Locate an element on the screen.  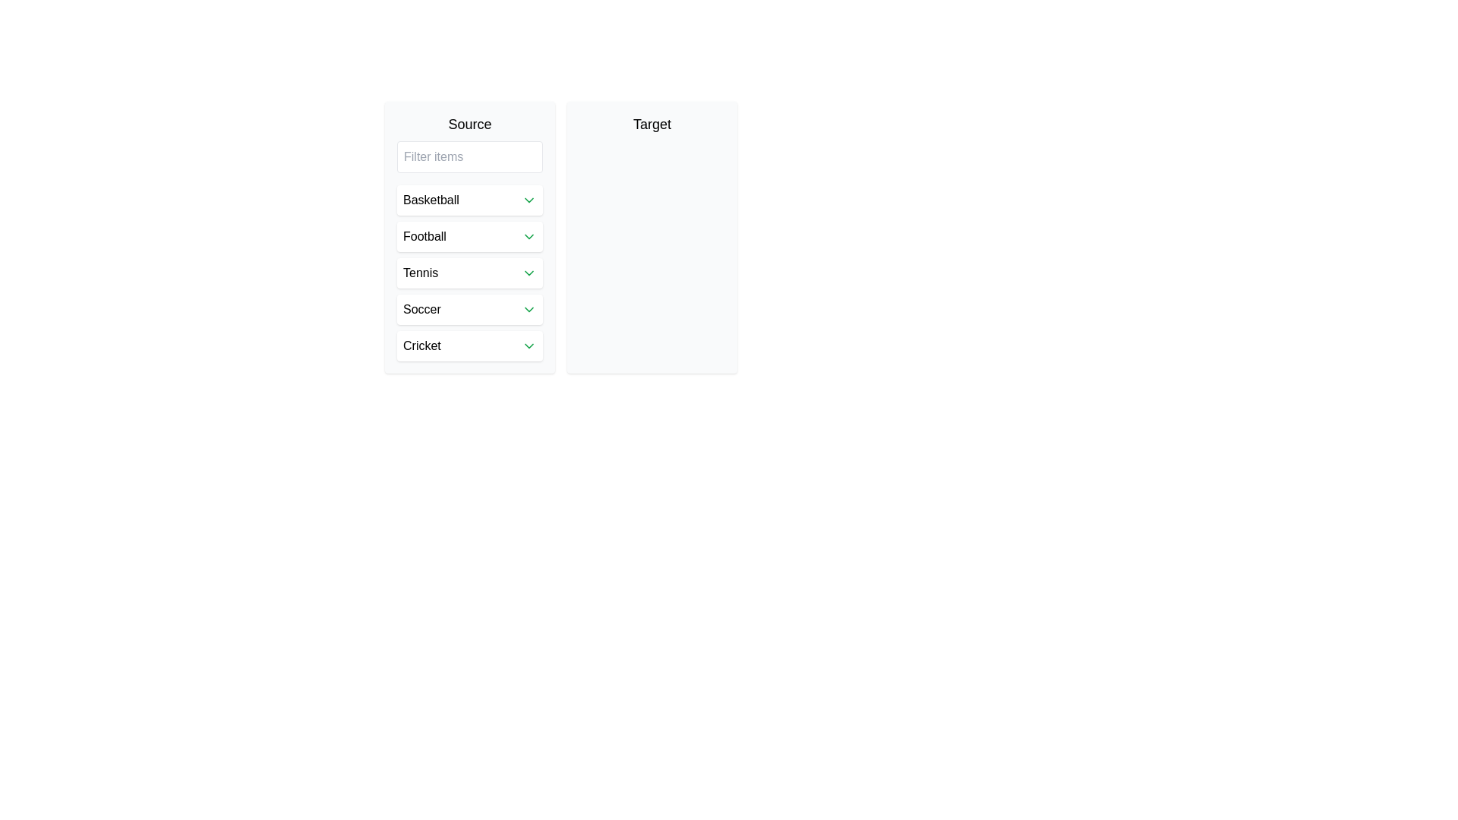
the dropdown icon located to the right of the 'Basketball' text label is located at coordinates (529, 199).